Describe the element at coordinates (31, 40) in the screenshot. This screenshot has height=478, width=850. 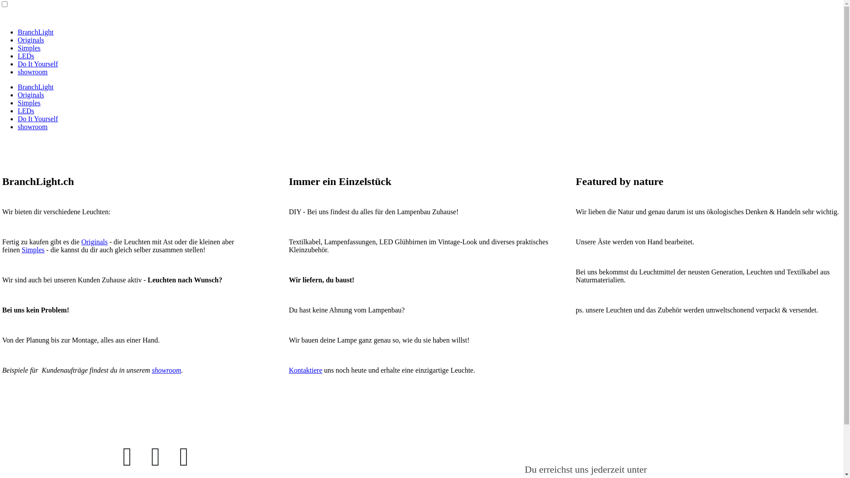
I see `'Originals'` at that location.